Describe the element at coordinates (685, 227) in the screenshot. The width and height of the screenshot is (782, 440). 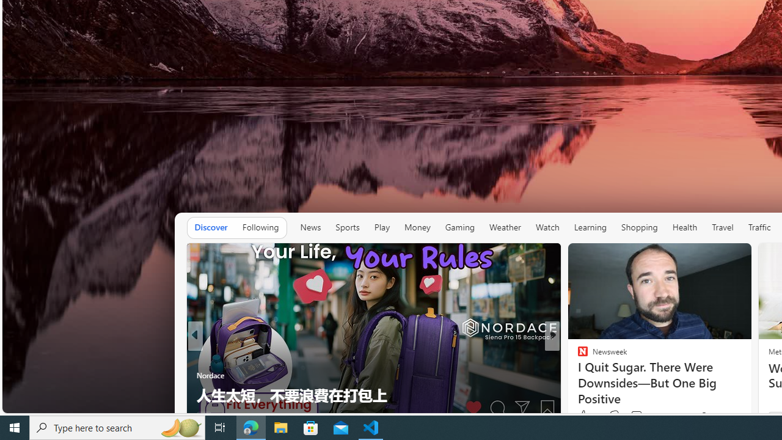
I see `'Health'` at that location.